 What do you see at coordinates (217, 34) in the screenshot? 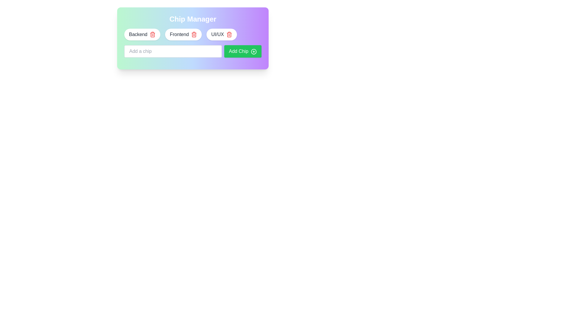
I see `the text label 'UI/UX' within the third chip from the left in the 'Chip Manager' interface` at bounding box center [217, 34].